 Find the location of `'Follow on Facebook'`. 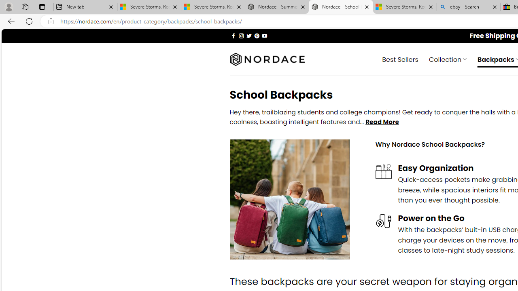

'Follow on Facebook' is located at coordinates (233, 35).